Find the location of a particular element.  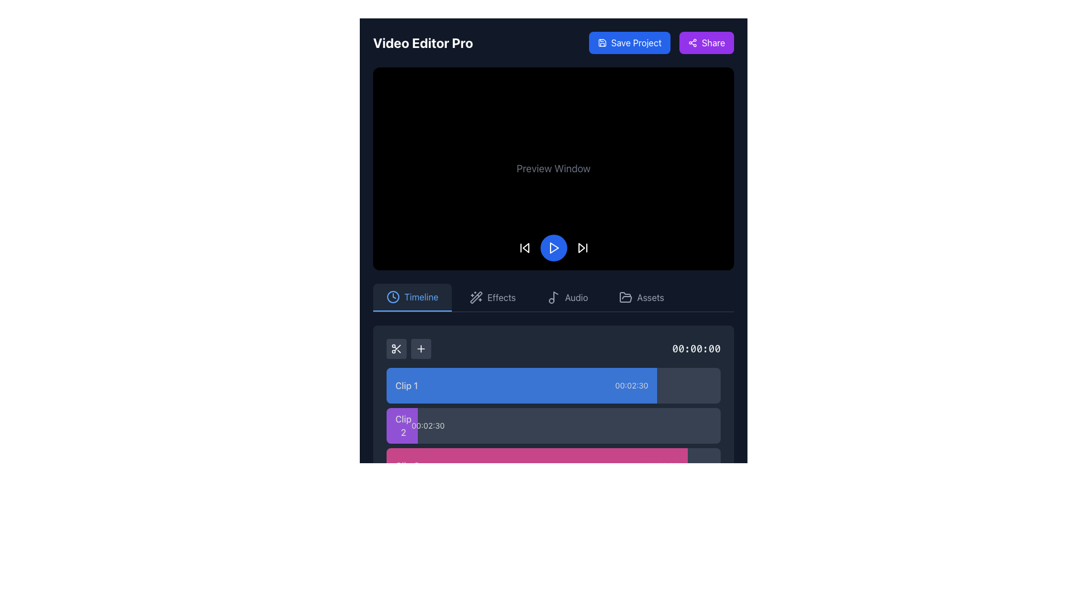

the plus (+) icon button, which is styled with a minimalist design and positioned near the top-left of the timeline panel is located at coordinates (420, 347).